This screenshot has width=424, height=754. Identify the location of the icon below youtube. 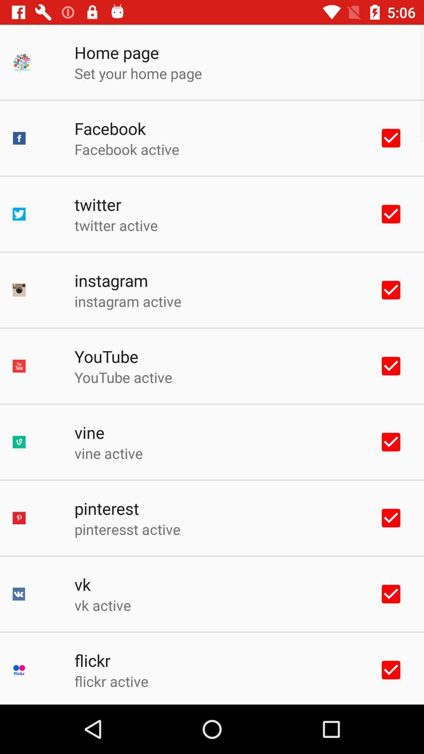
(123, 377).